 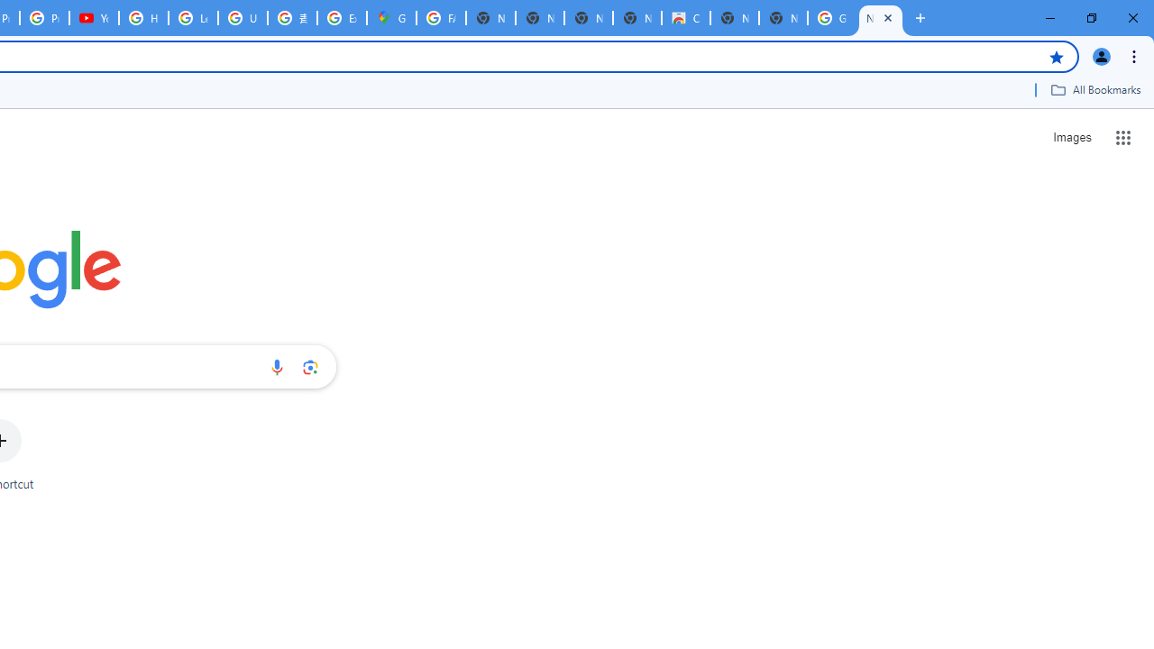 I want to click on 'Google Maps', so click(x=390, y=18).